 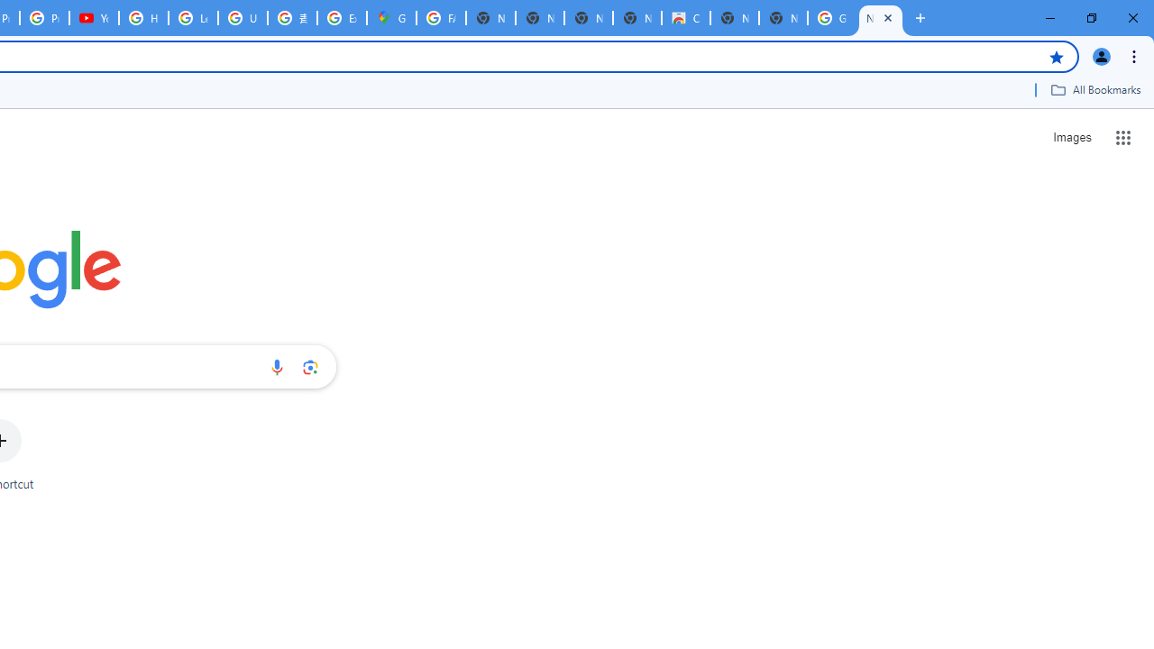 I want to click on 'Google Maps', so click(x=390, y=18).